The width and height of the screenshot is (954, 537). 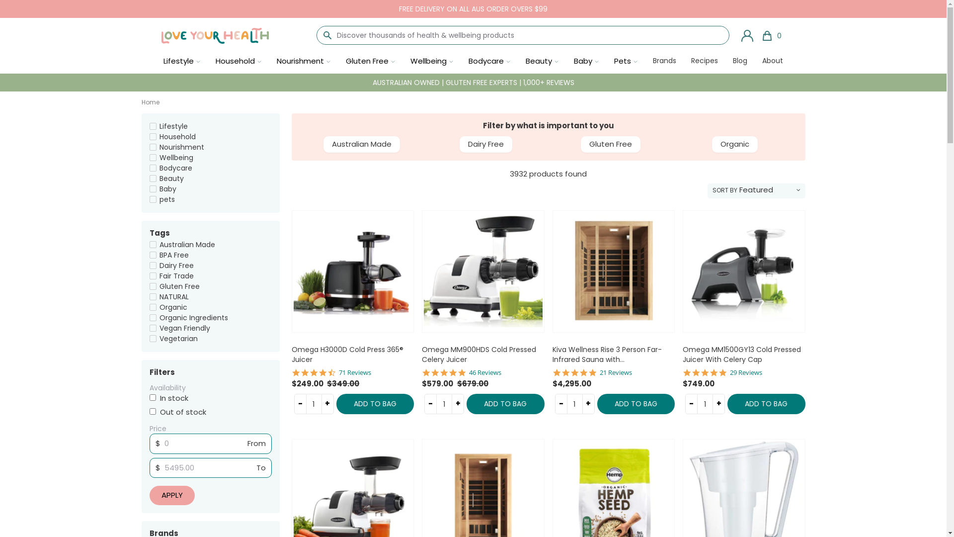 What do you see at coordinates (171, 495) in the screenshot?
I see `'Apply'` at bounding box center [171, 495].